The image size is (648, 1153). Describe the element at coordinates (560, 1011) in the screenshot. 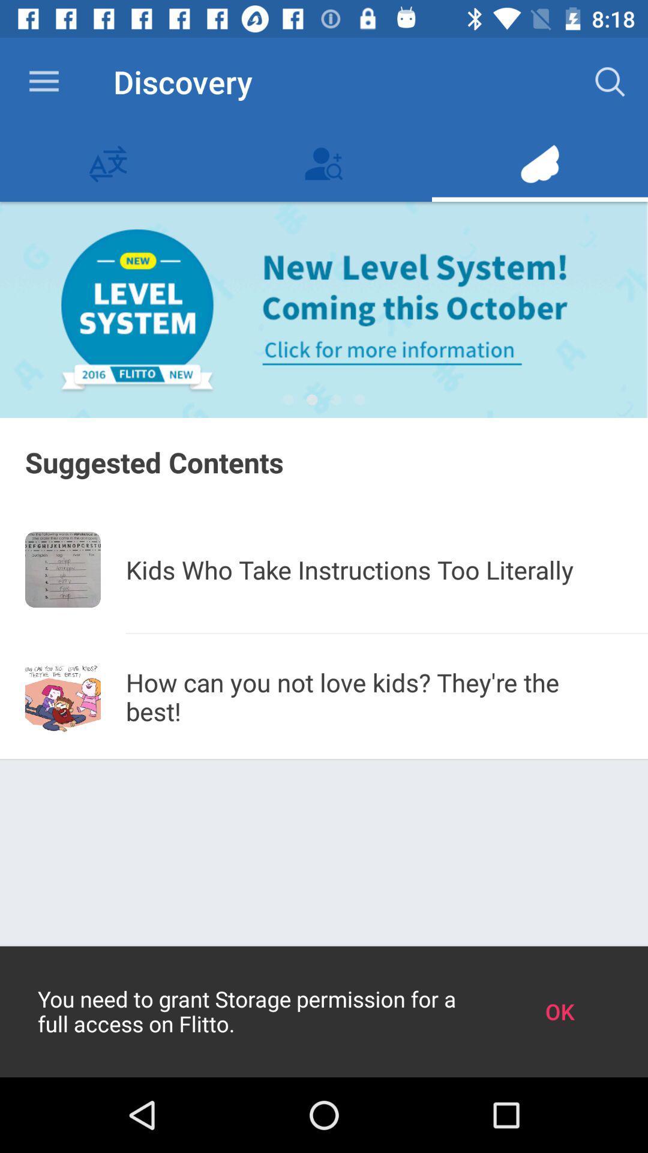

I see `the icon to the right of you need to` at that location.